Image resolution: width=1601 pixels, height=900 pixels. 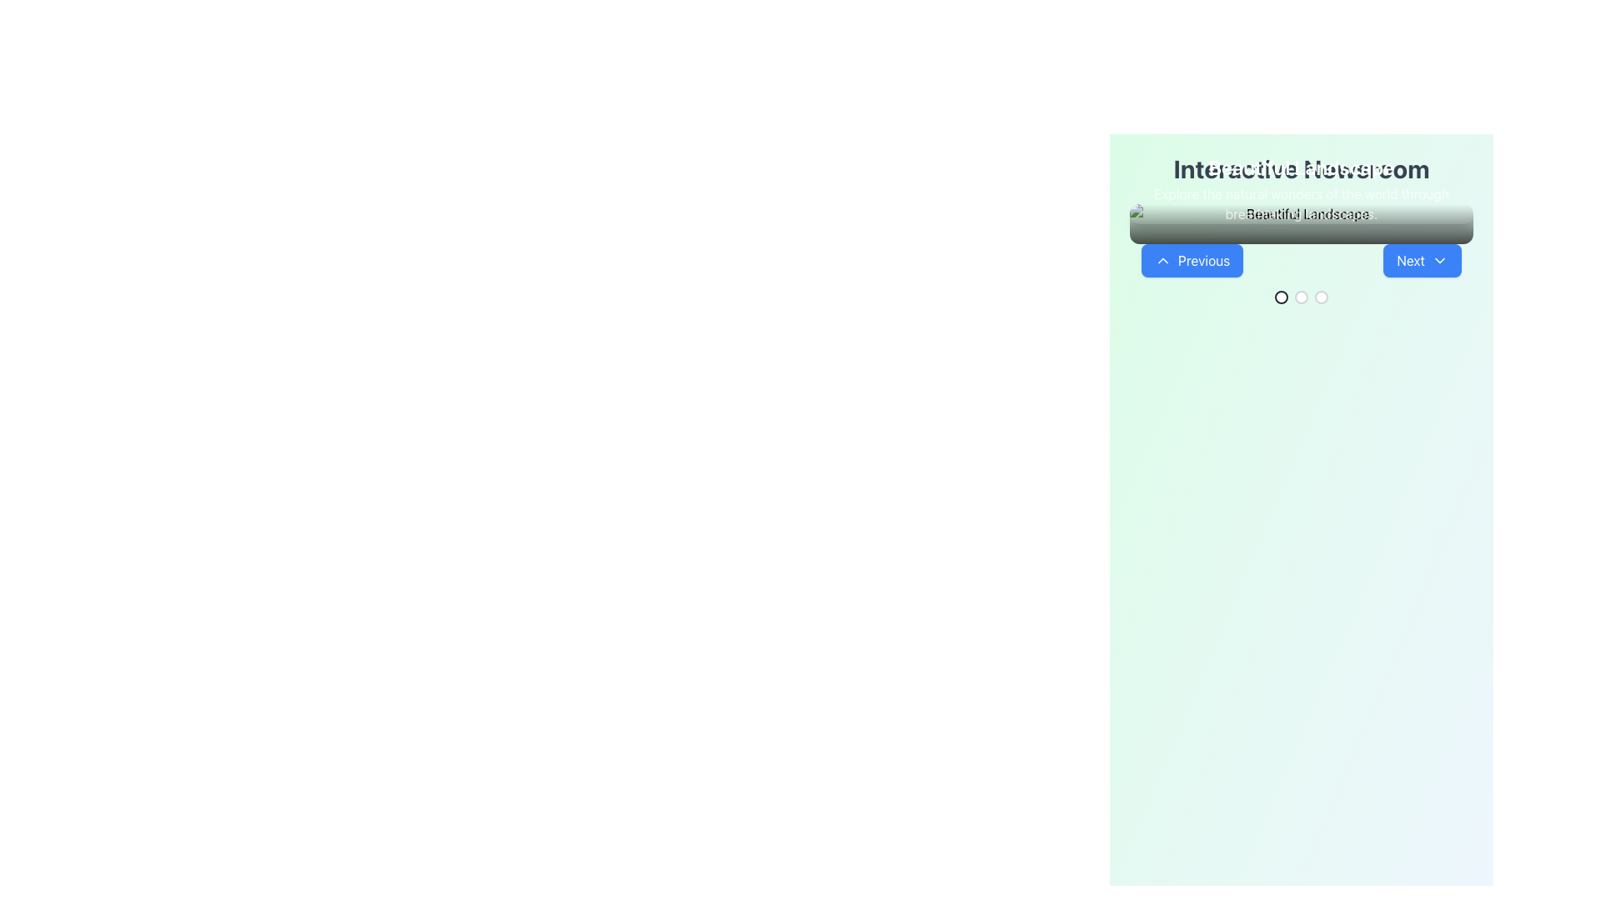 What do you see at coordinates (1439, 260) in the screenshot?
I see `the chevron icon located at the right end of the 'Next' button` at bounding box center [1439, 260].